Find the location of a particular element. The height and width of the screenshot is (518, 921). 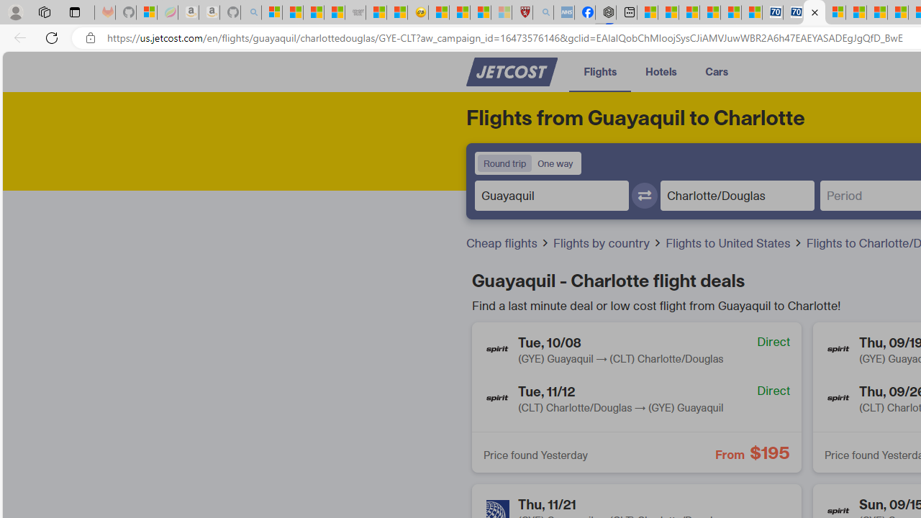

'Flights by country' is located at coordinates (607, 242).